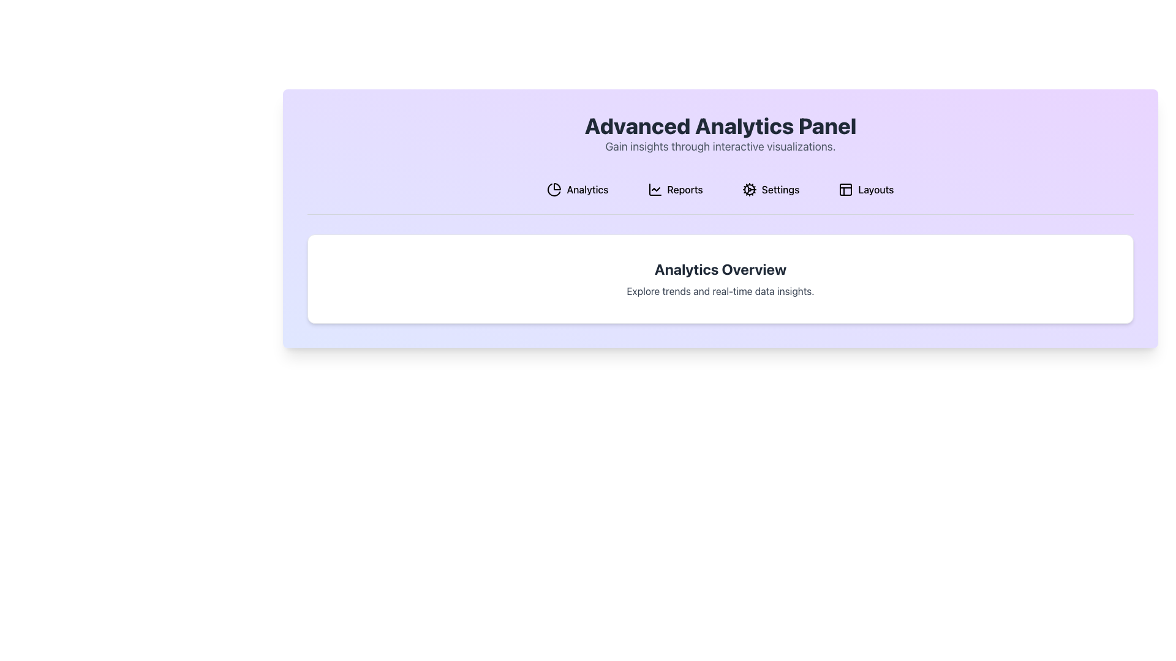 The image size is (1176, 661). I want to click on the navigation label indicating the analytics section, positioned in the upper center of the interface, so click(587, 189).